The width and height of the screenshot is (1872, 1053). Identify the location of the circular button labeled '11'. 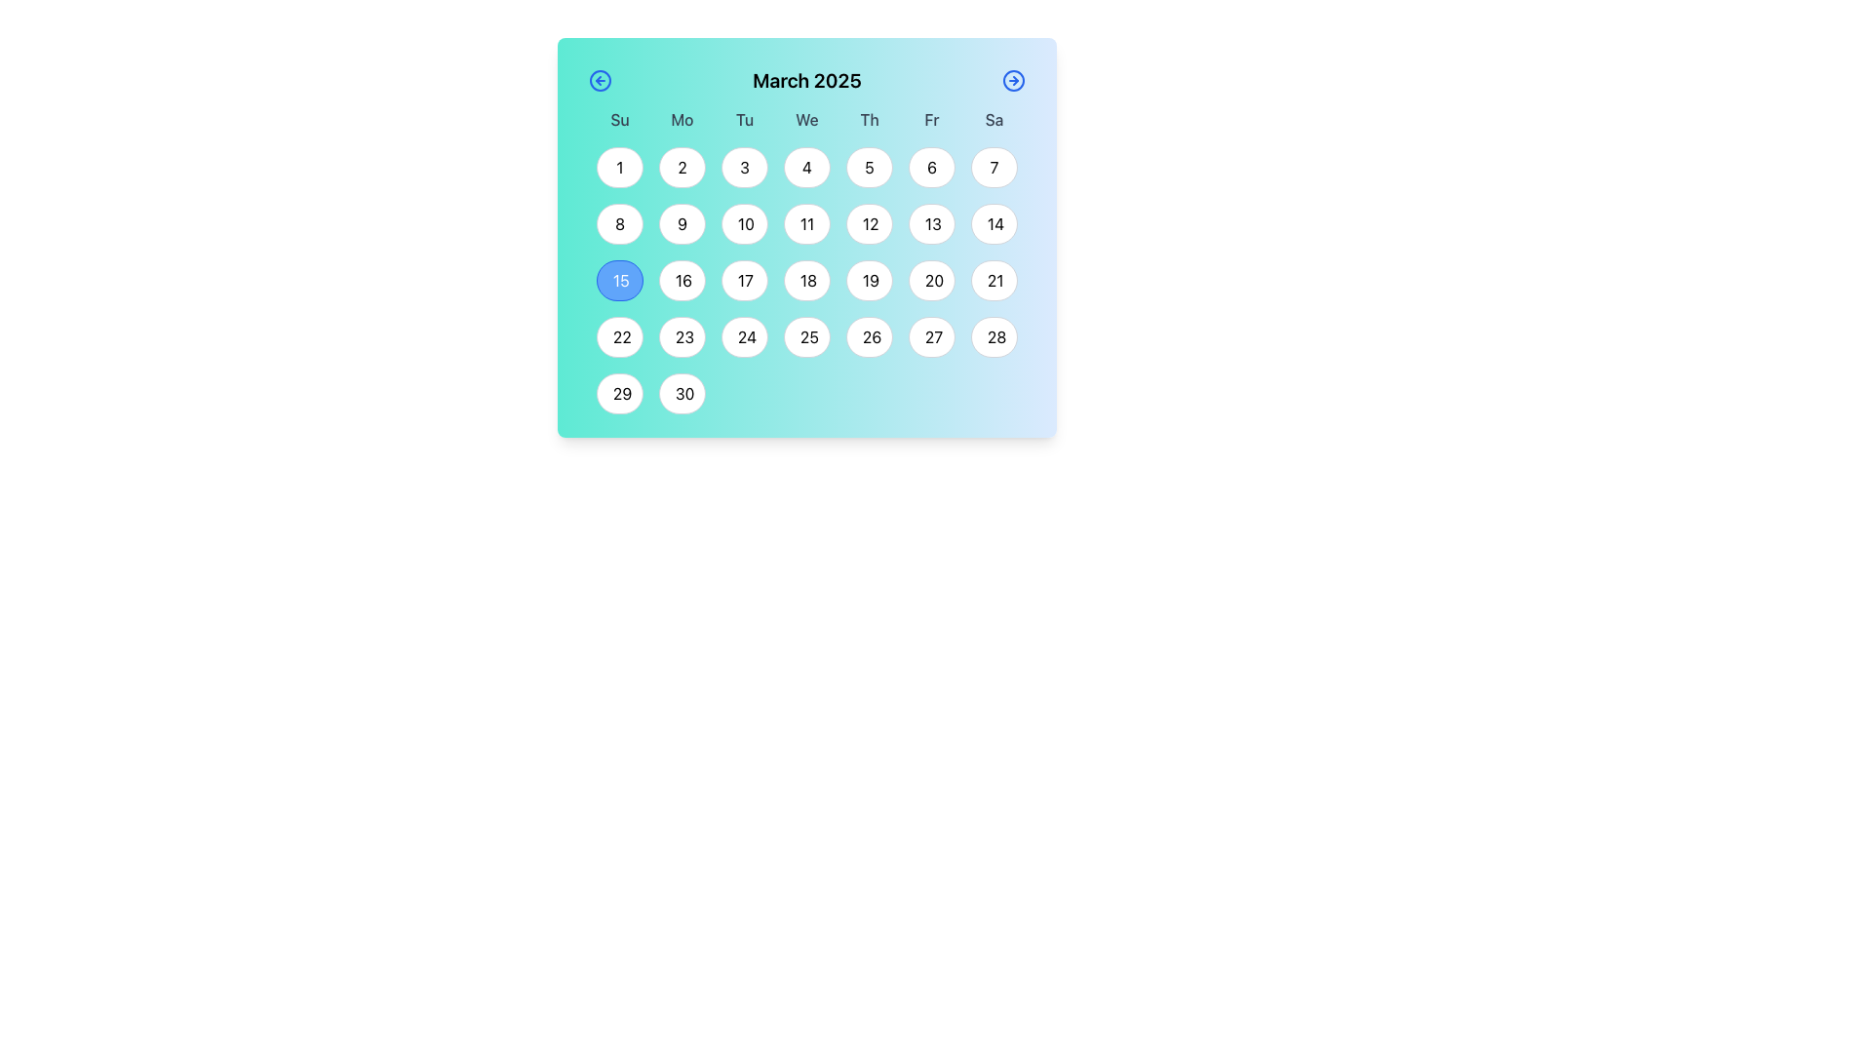
(807, 223).